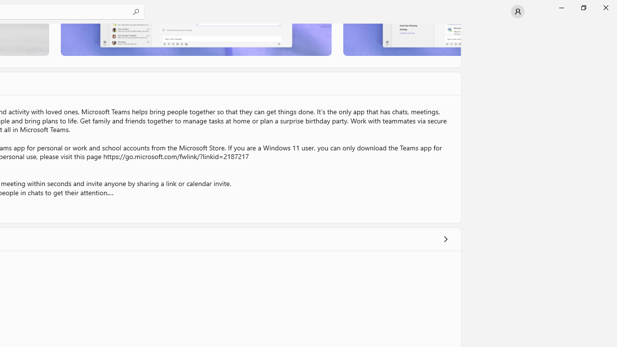 The image size is (617, 347). What do you see at coordinates (402, 39) in the screenshot?
I see `'Screenshot 3'` at bounding box center [402, 39].